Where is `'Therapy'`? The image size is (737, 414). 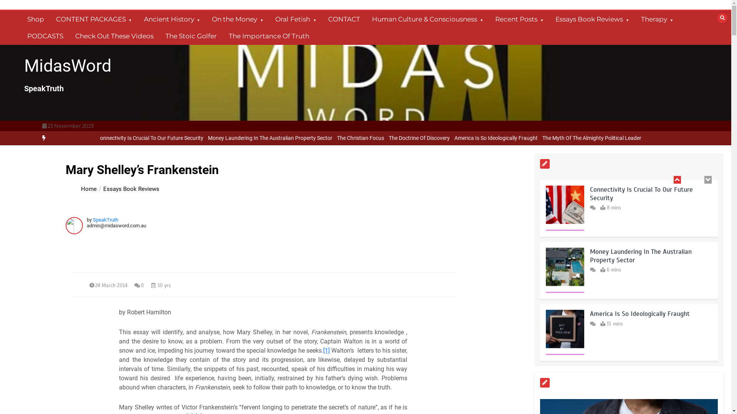
'Therapy' is located at coordinates (657, 19).